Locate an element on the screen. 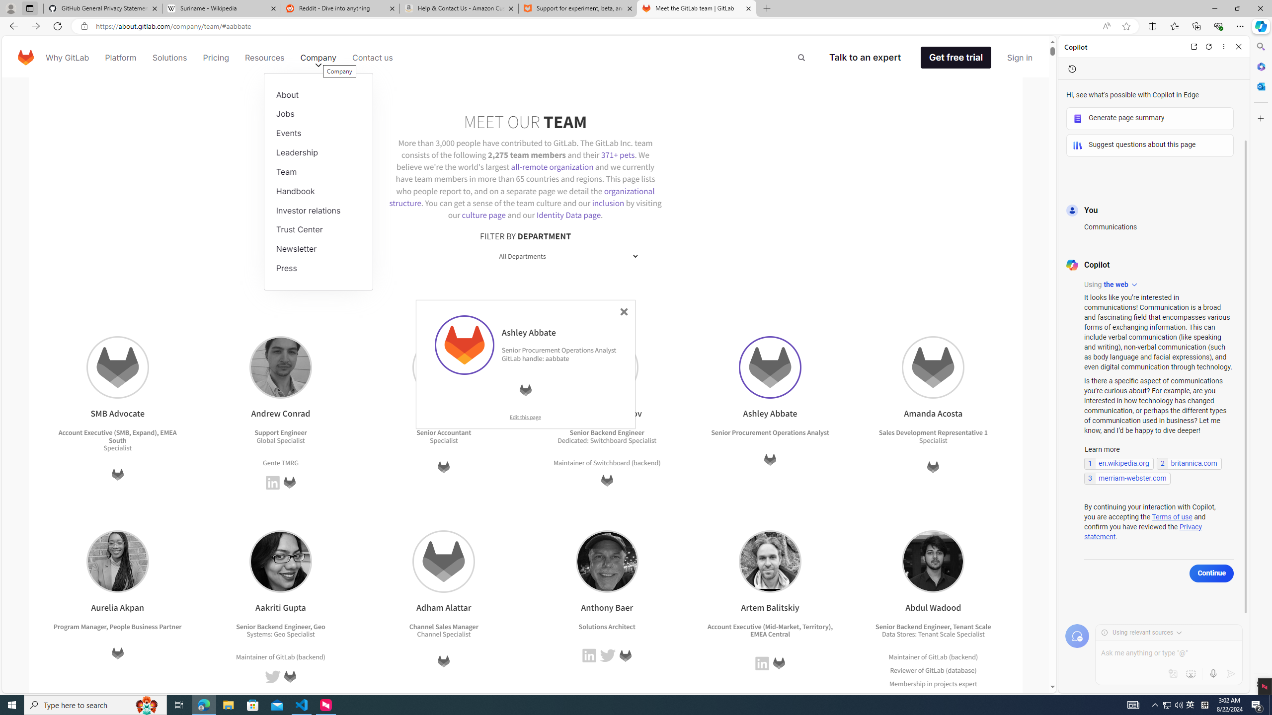  'Anthony Baer' is located at coordinates (606, 561).